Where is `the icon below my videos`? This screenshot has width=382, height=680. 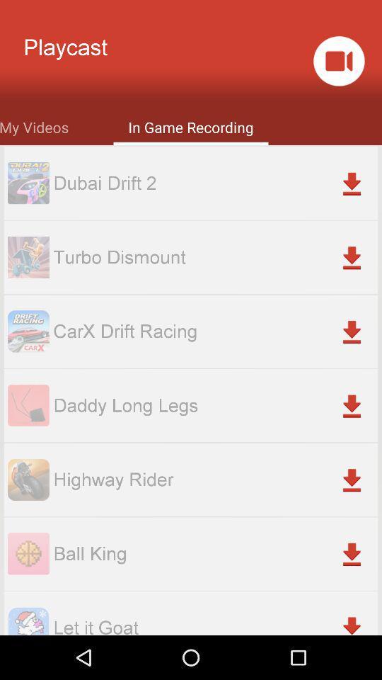
the icon below my videos is located at coordinates (214, 182).